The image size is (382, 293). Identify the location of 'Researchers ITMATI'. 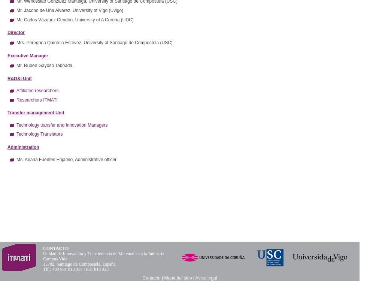
(36, 99).